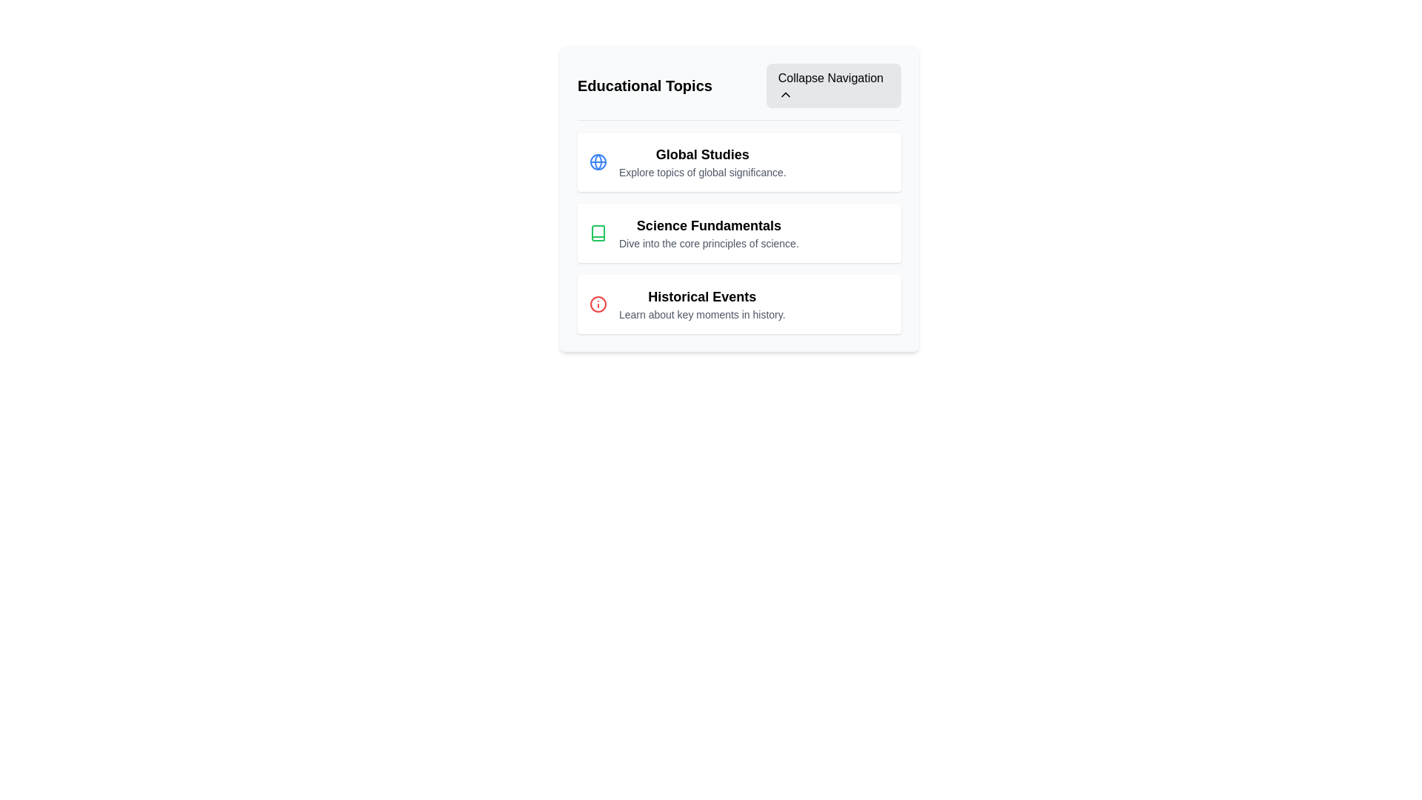 Image resolution: width=1422 pixels, height=800 pixels. What do you see at coordinates (598, 162) in the screenshot?
I see `the blue globe icon that is the leftmost item in the 'Global Studies' card, located at the top left corner adjacent to the heading 'Global Studies'` at bounding box center [598, 162].